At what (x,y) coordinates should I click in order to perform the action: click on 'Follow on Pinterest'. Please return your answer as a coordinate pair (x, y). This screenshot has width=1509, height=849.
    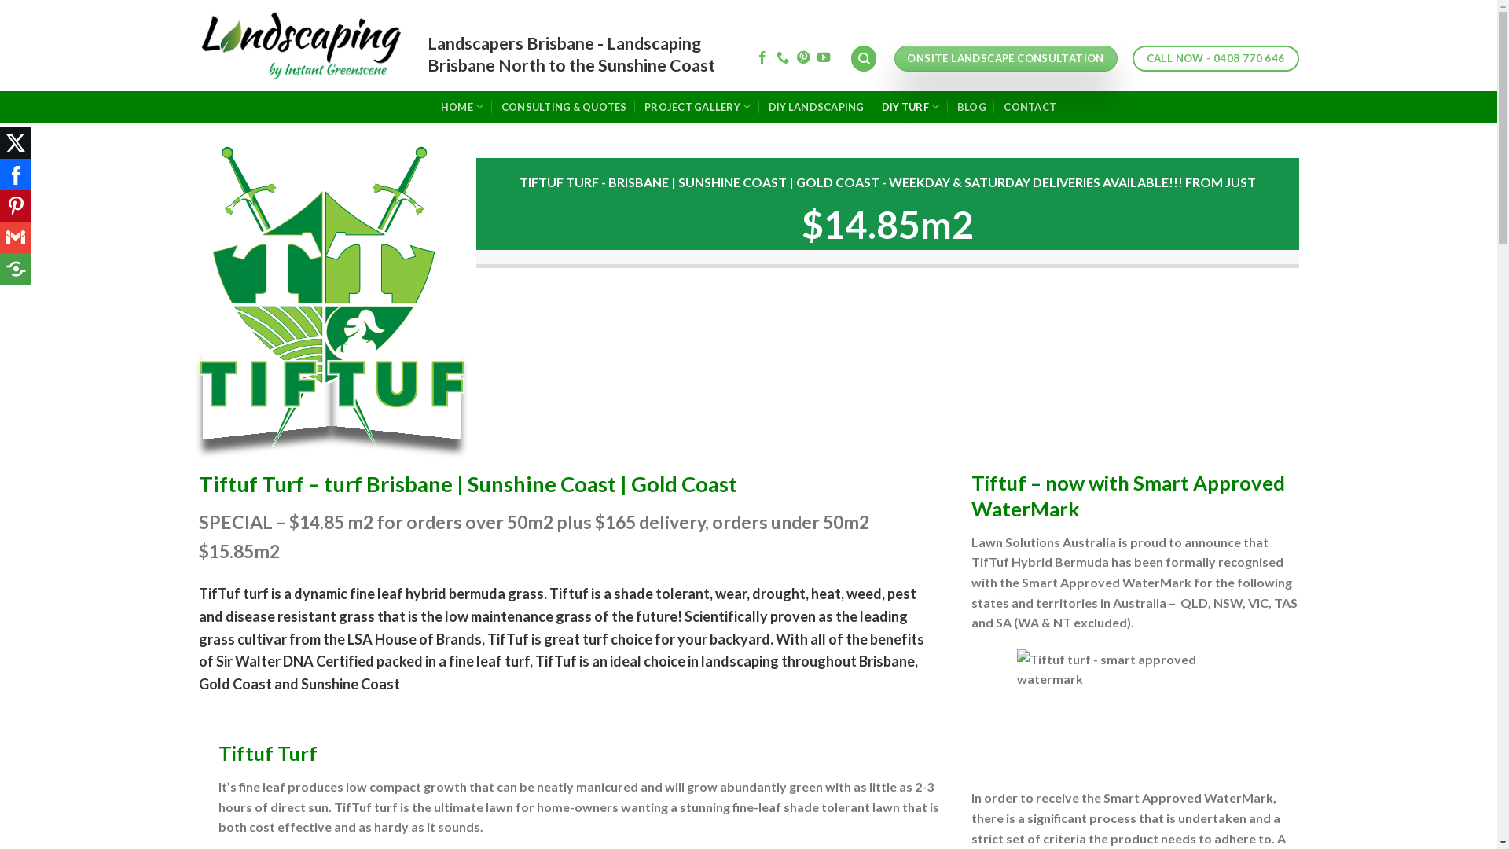
    Looking at the image, I should click on (803, 57).